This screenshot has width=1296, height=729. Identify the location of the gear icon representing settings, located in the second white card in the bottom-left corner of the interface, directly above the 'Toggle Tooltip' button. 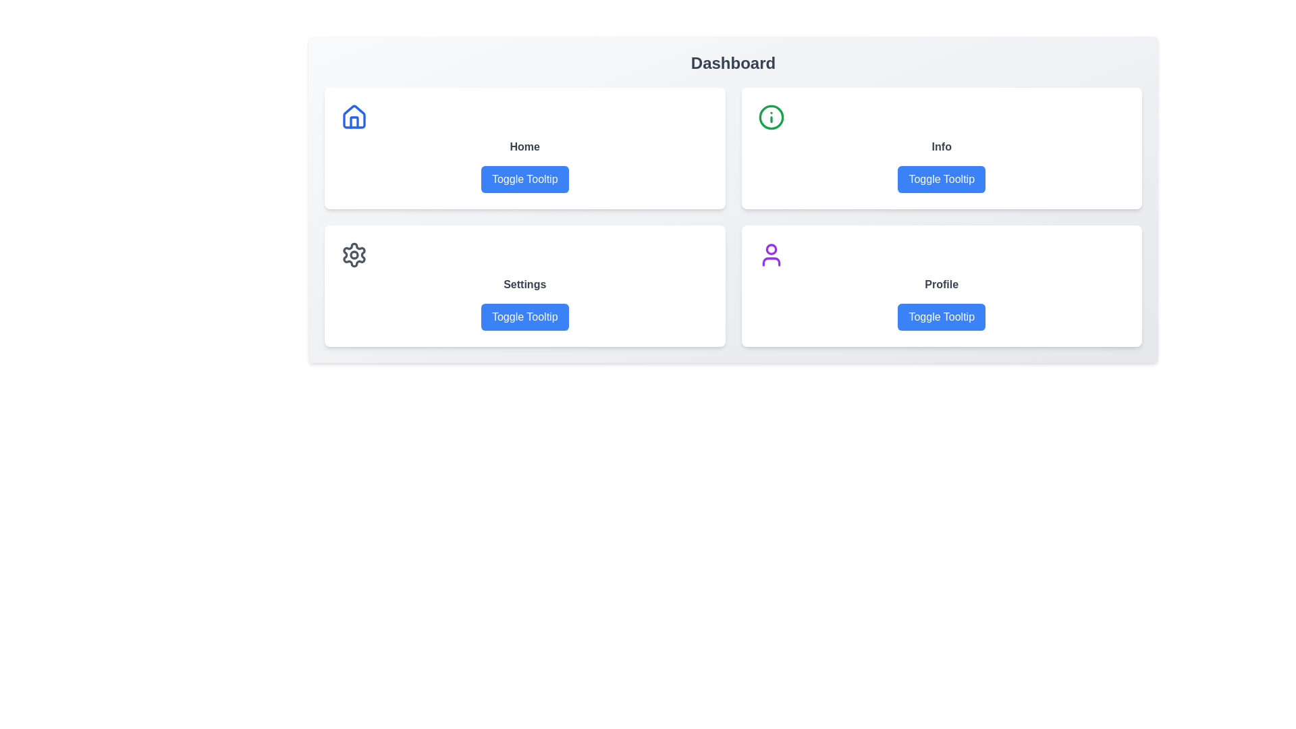
(354, 255).